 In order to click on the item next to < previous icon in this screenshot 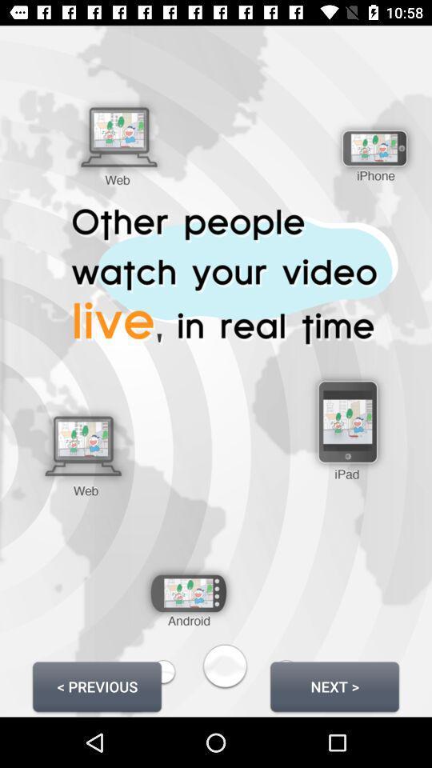, I will do `click(334, 686)`.